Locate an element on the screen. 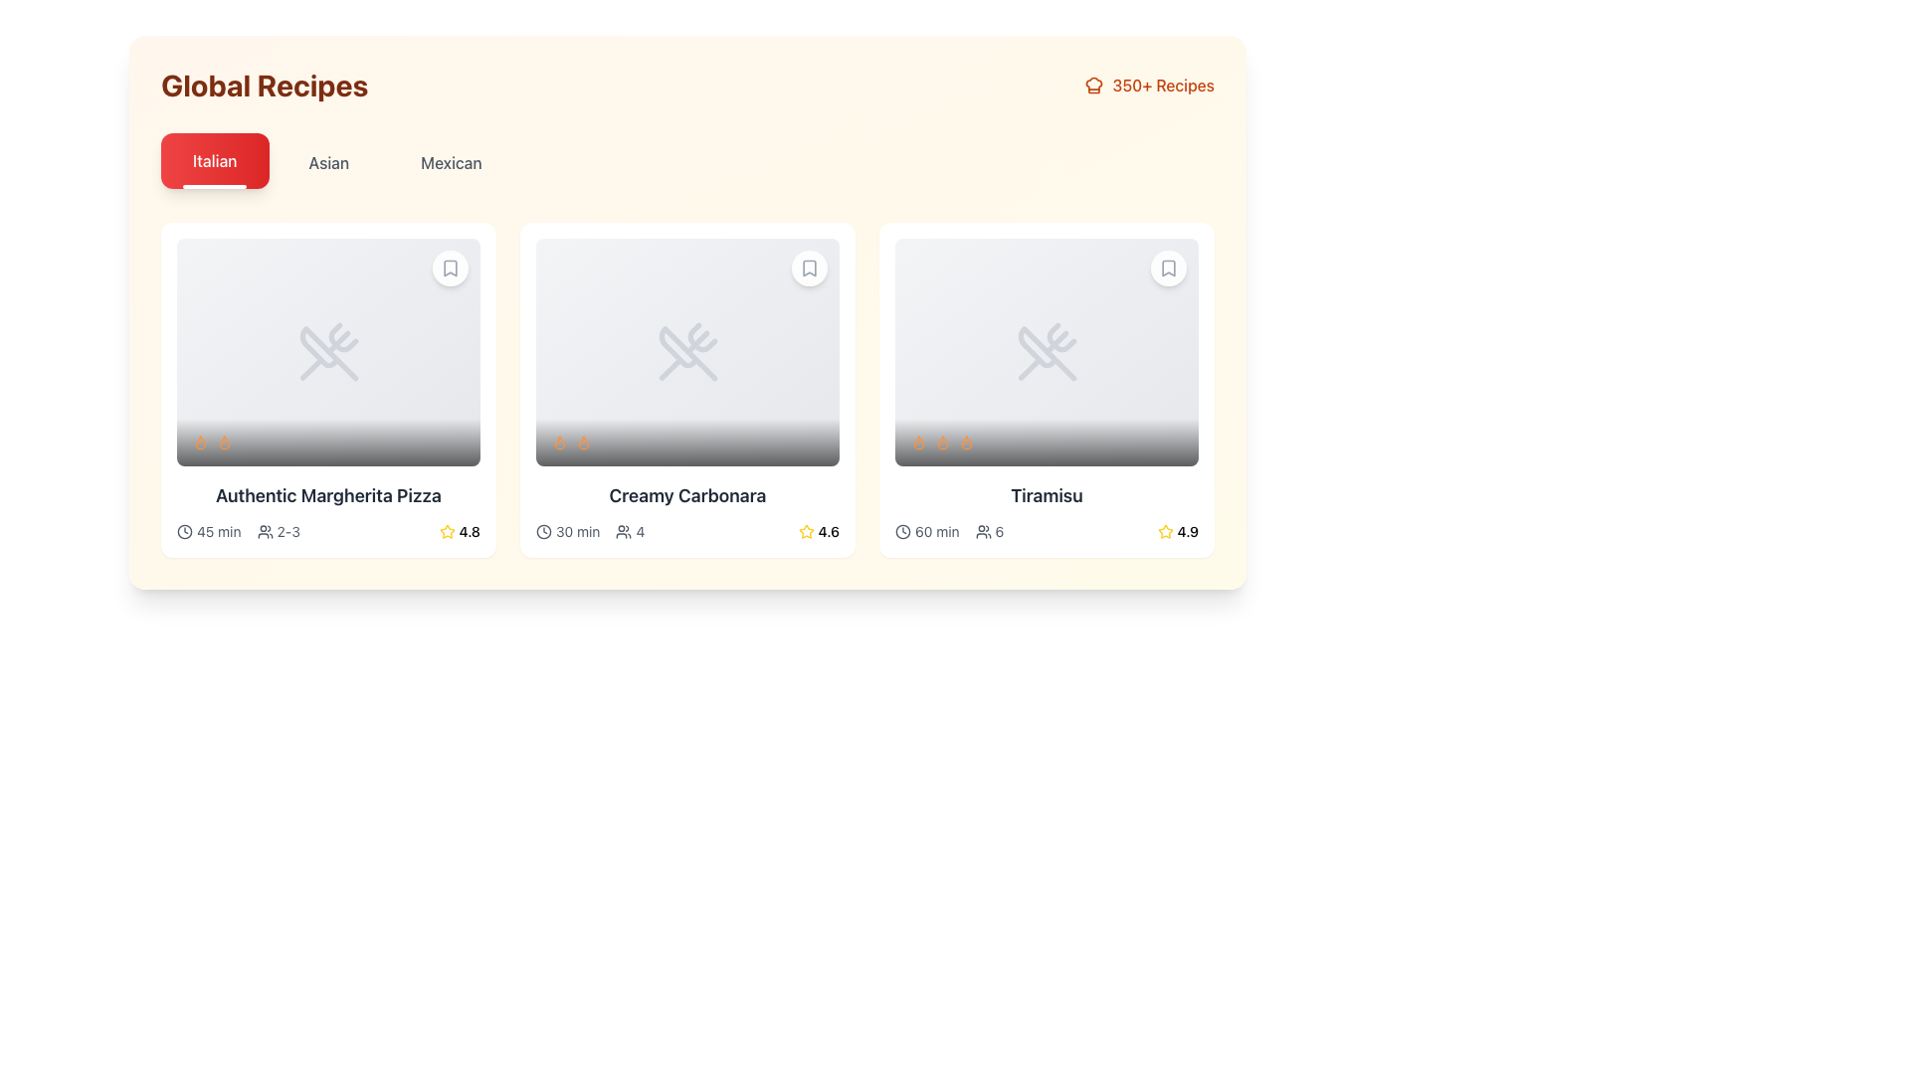 This screenshot has height=1074, width=1910. the 'Global Recipes' text element is located at coordinates (264, 84).